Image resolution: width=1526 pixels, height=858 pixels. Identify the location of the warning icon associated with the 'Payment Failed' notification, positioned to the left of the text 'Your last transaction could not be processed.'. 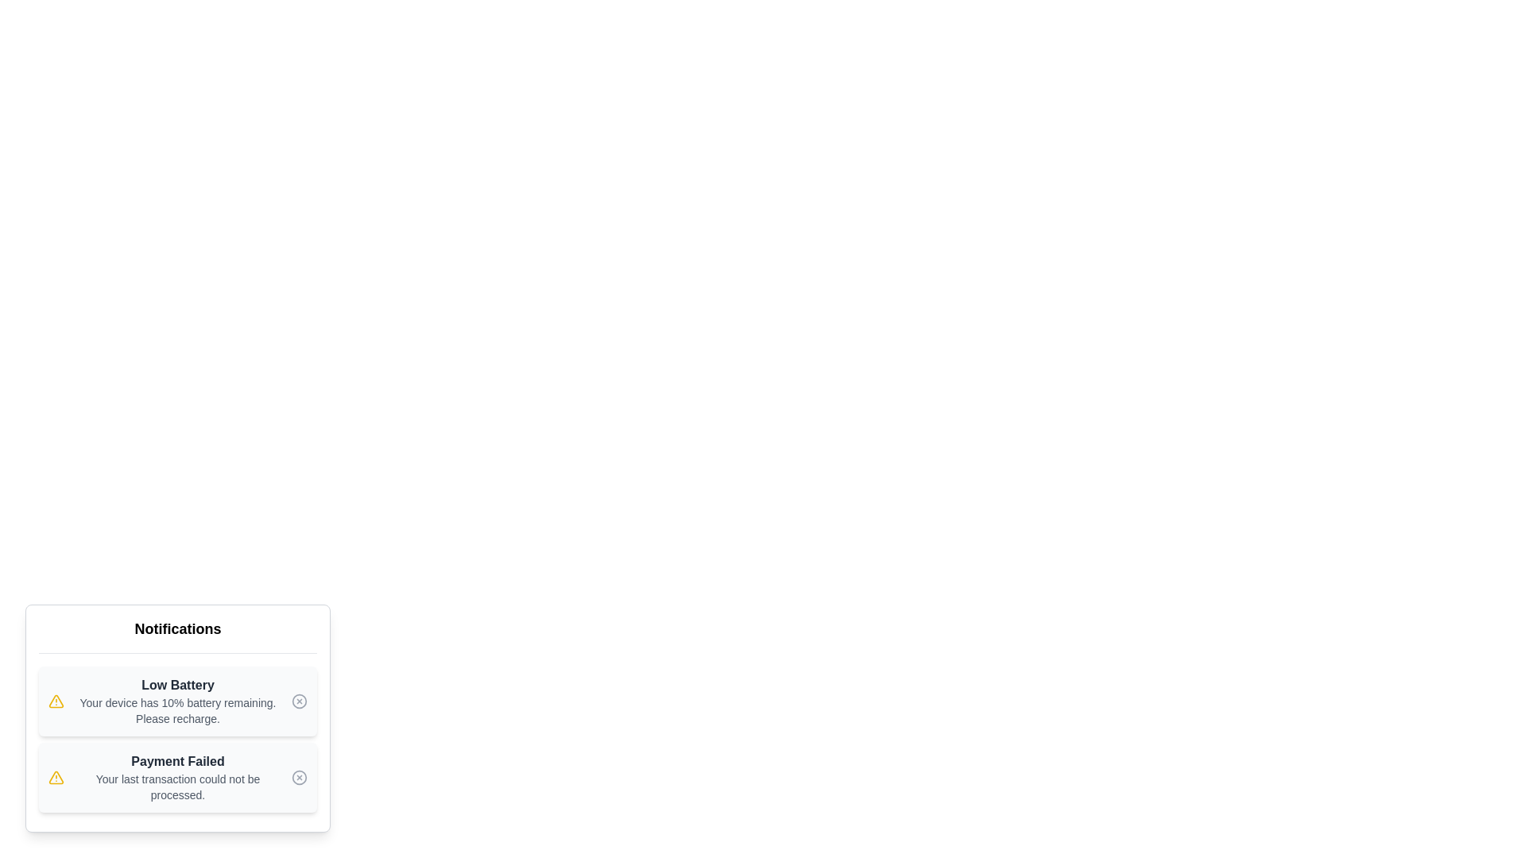
(56, 701).